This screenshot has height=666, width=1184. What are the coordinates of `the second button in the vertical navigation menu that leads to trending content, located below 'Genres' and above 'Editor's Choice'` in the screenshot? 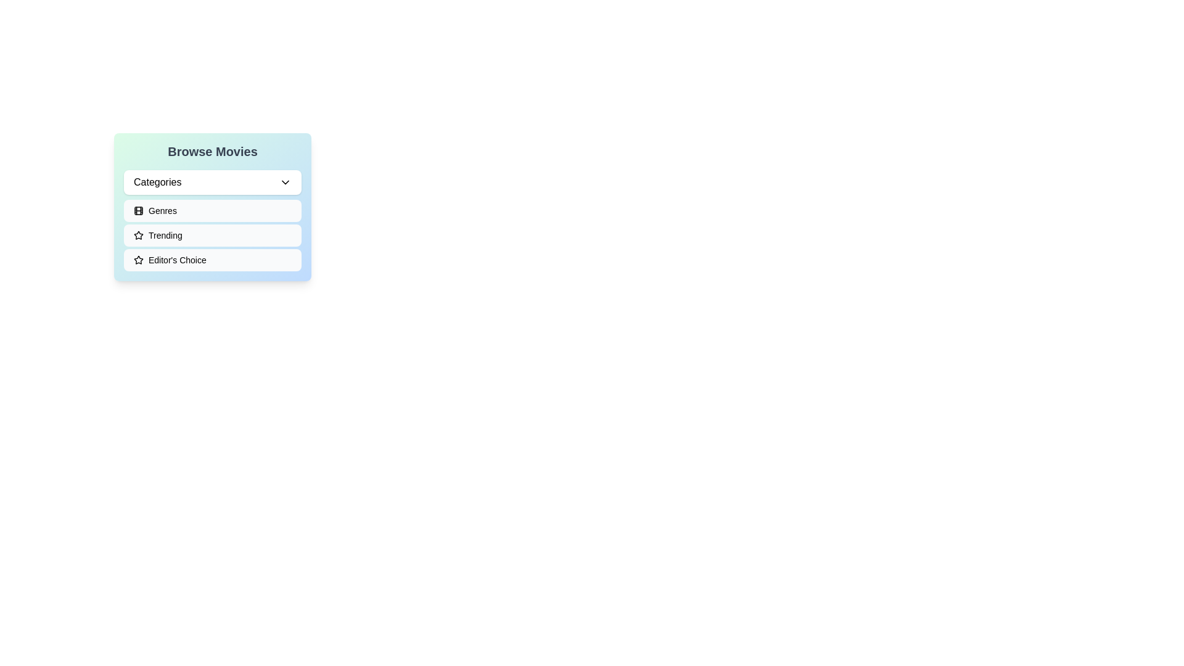 It's located at (213, 235).